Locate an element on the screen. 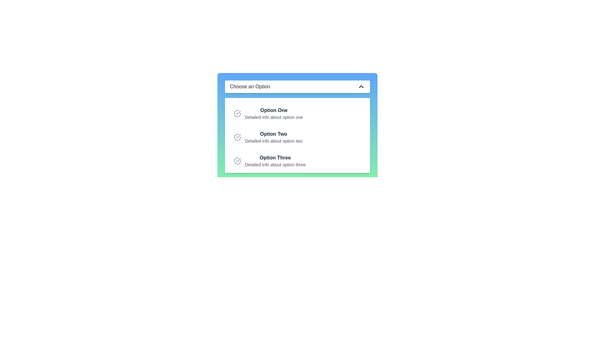  text label that represents the title of the second option in the dropdown menu, positioned below 'Option One' and above 'Option Three' is located at coordinates (273, 134).